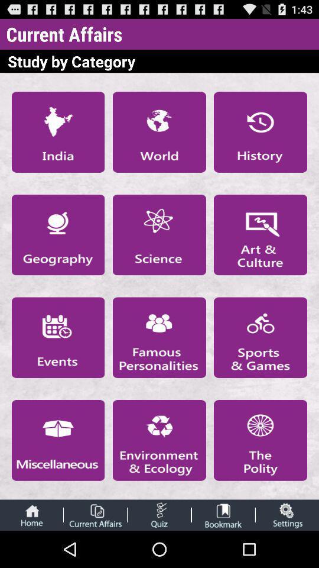 The image size is (319, 568). What do you see at coordinates (57, 440) in the screenshot?
I see `miscellaneous category` at bounding box center [57, 440].